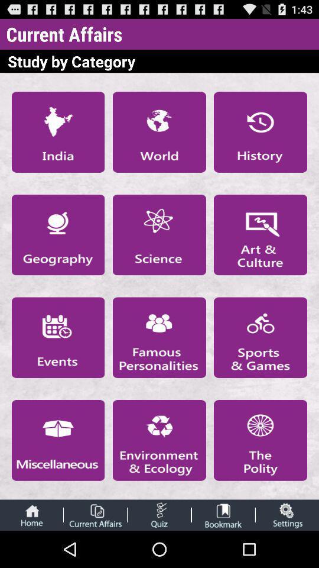 The image size is (319, 568). What do you see at coordinates (57, 440) in the screenshot?
I see `miscellaneous category` at bounding box center [57, 440].